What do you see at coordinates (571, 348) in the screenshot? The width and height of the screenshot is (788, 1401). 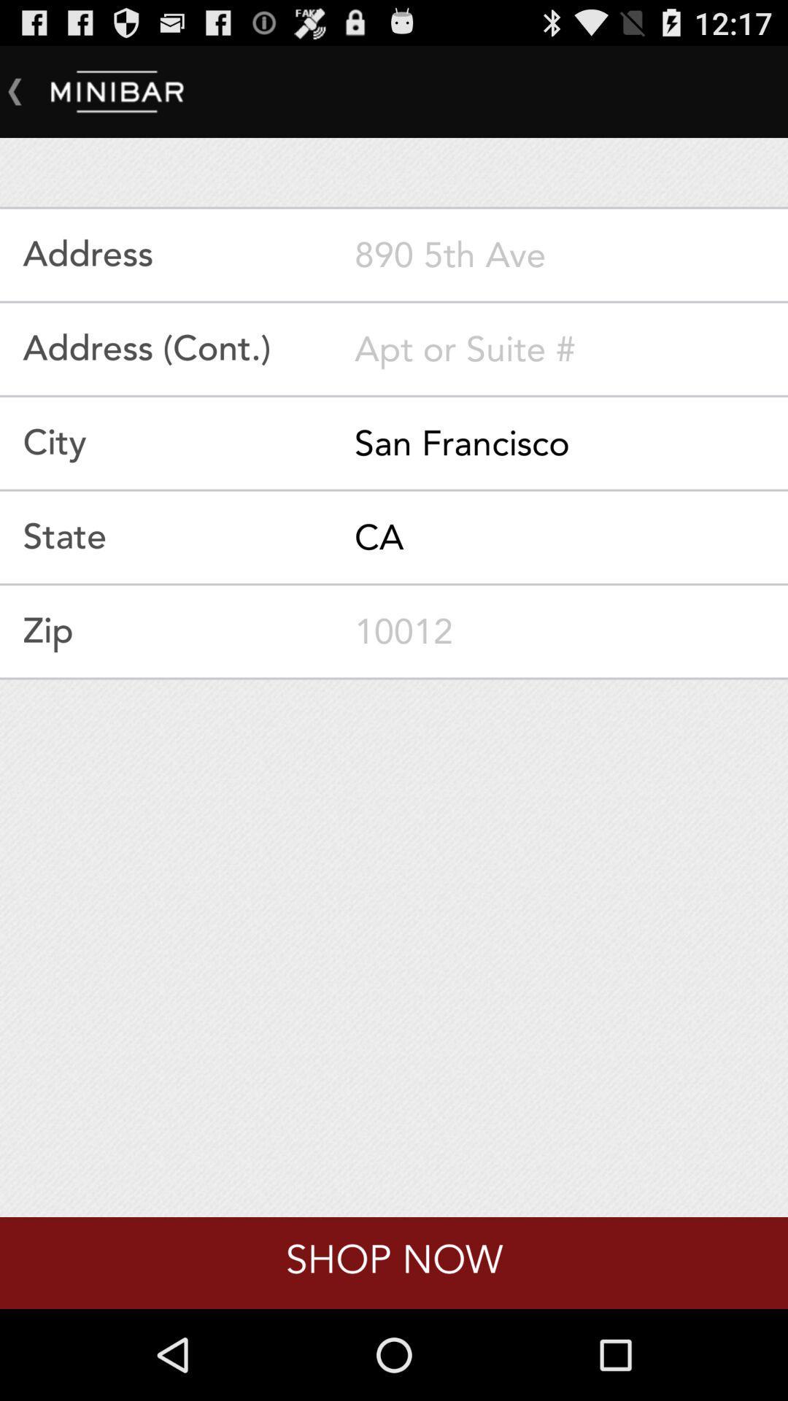 I see `apt or suite` at bounding box center [571, 348].